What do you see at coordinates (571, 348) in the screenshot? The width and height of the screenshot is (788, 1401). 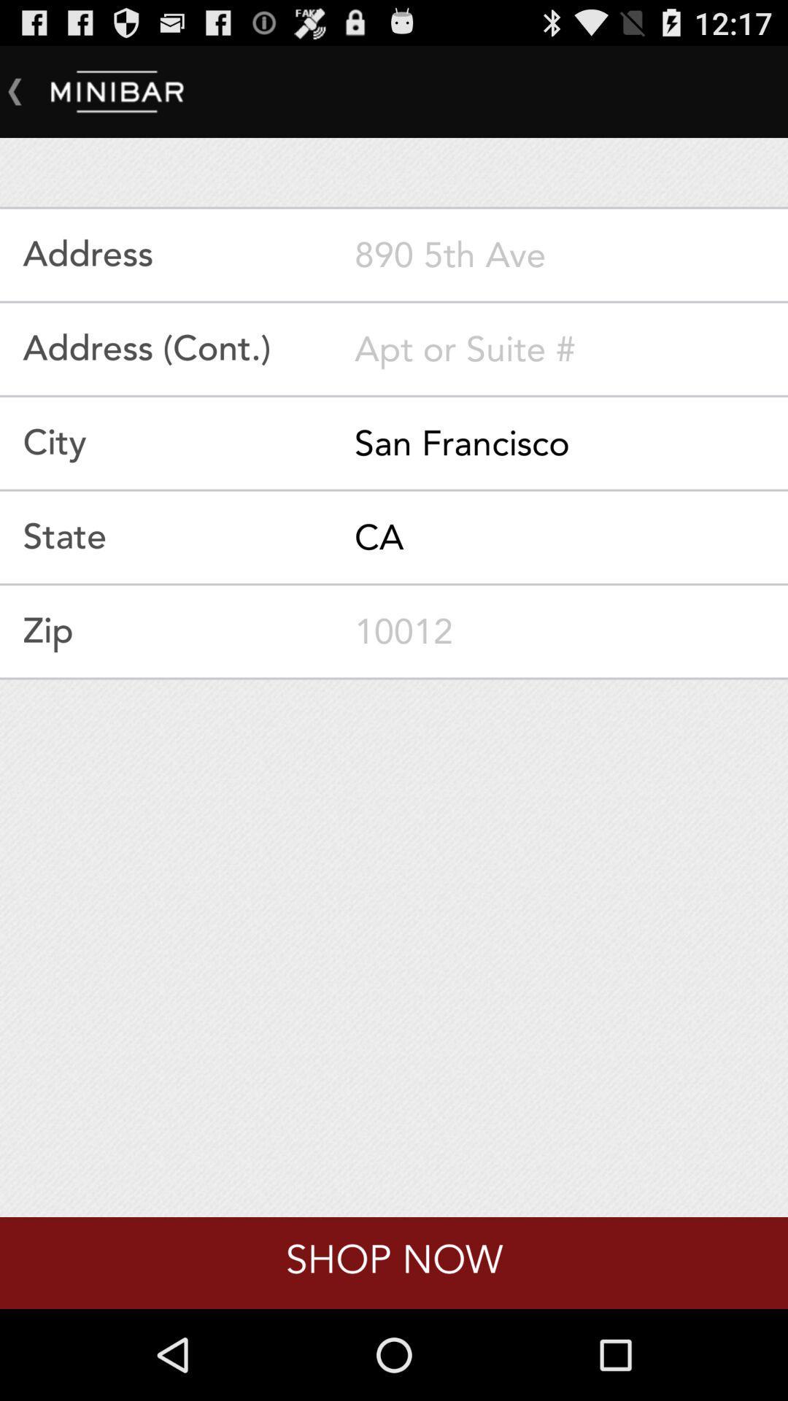 I see `apt or suite` at bounding box center [571, 348].